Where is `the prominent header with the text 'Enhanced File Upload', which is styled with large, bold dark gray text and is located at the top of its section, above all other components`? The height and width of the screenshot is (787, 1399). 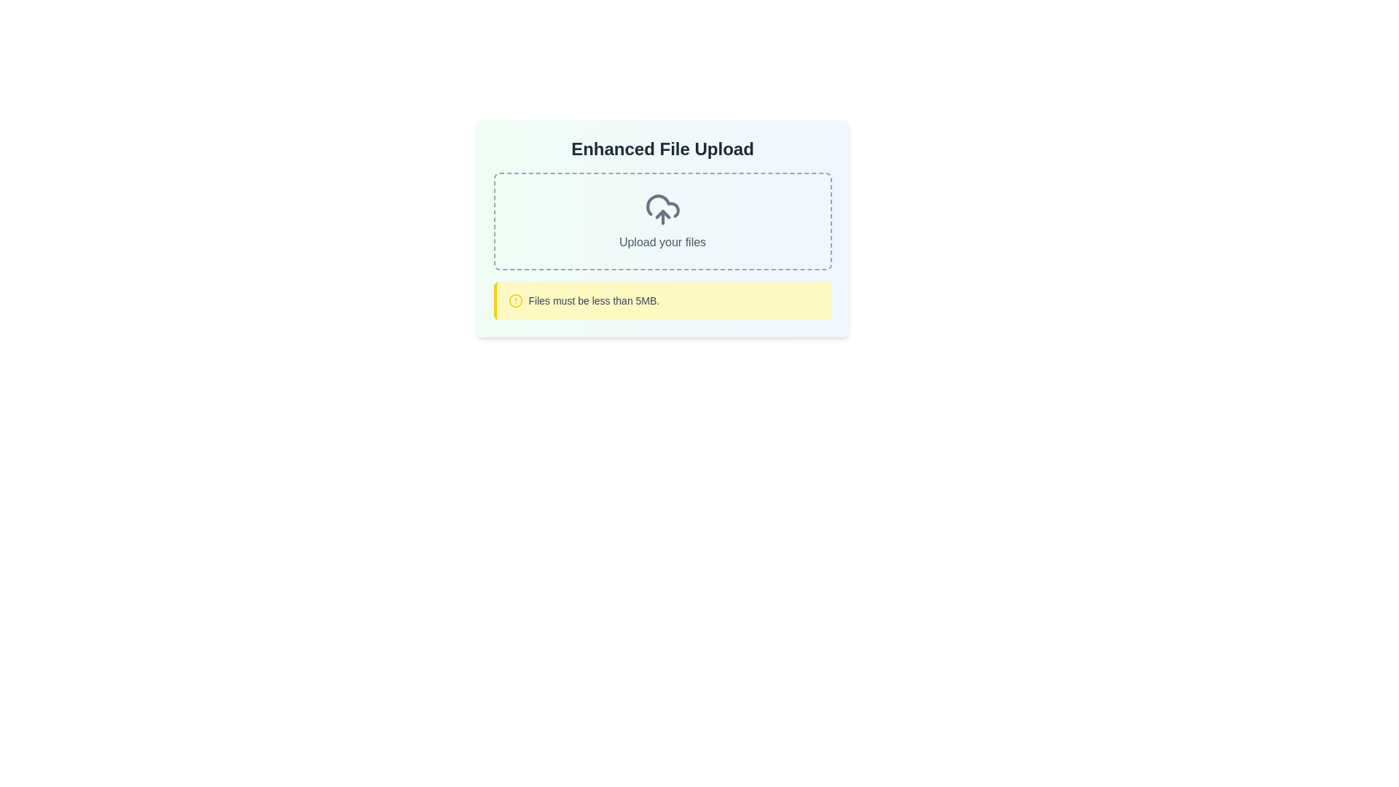 the prominent header with the text 'Enhanced File Upload', which is styled with large, bold dark gray text and is located at the top of its section, above all other components is located at coordinates (662, 149).